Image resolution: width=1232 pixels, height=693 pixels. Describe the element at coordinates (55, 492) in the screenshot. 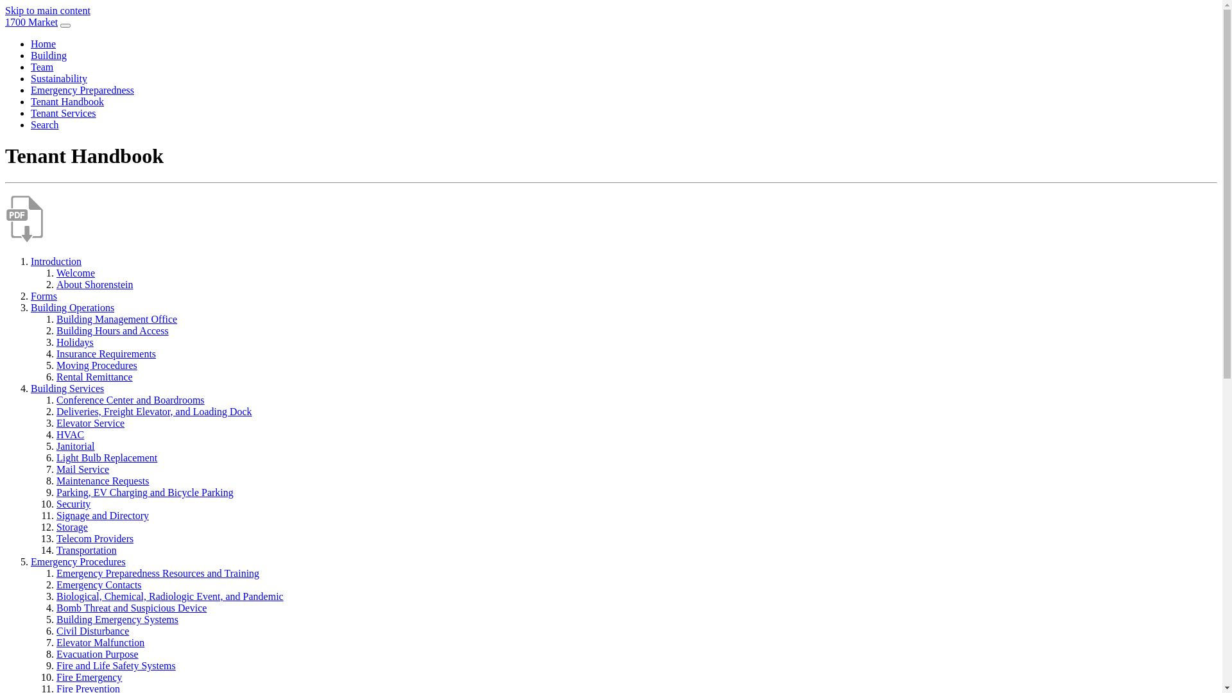

I see `'Parking, EV Charging and Bicycle Parking'` at that location.